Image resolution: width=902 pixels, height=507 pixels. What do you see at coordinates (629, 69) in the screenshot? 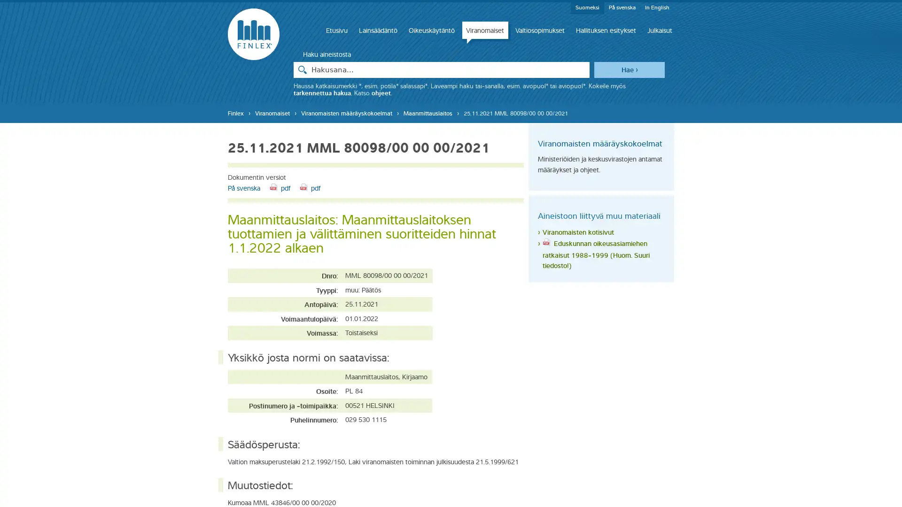
I see `Hae` at bounding box center [629, 69].